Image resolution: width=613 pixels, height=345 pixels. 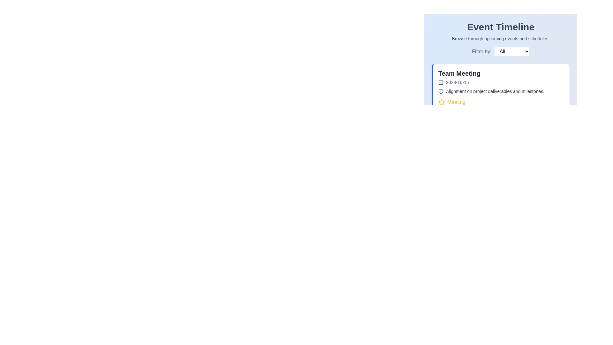 What do you see at coordinates (441, 82) in the screenshot?
I see `the calendar icon body, which is a small, rounded rectangle with dimensions of 18x18 pixels, located within the bounds of the calendar icon` at bounding box center [441, 82].